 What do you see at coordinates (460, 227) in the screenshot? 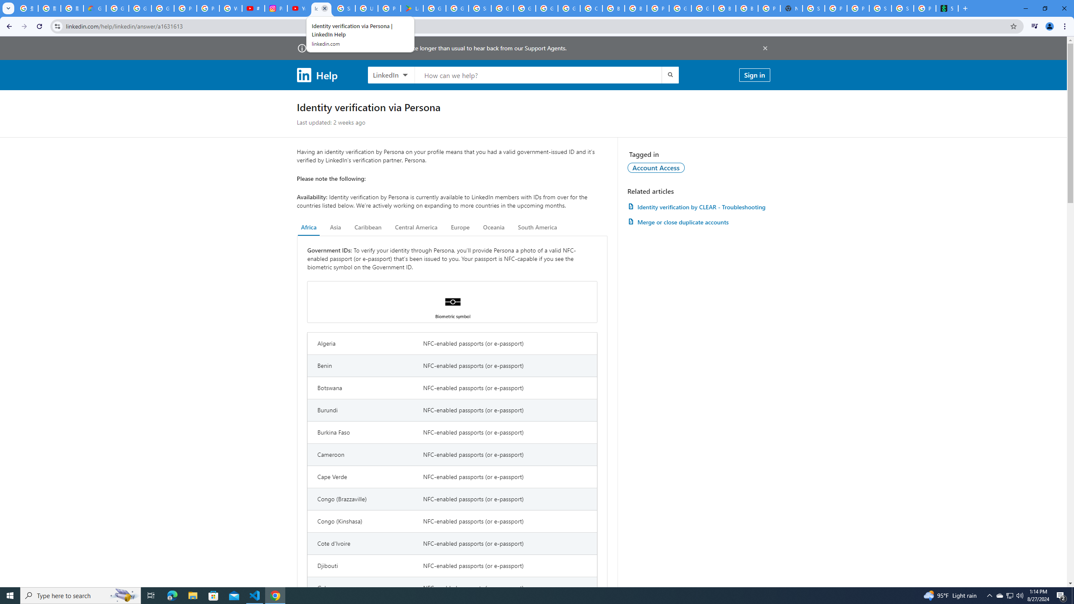
I see `'Europe'` at bounding box center [460, 227].